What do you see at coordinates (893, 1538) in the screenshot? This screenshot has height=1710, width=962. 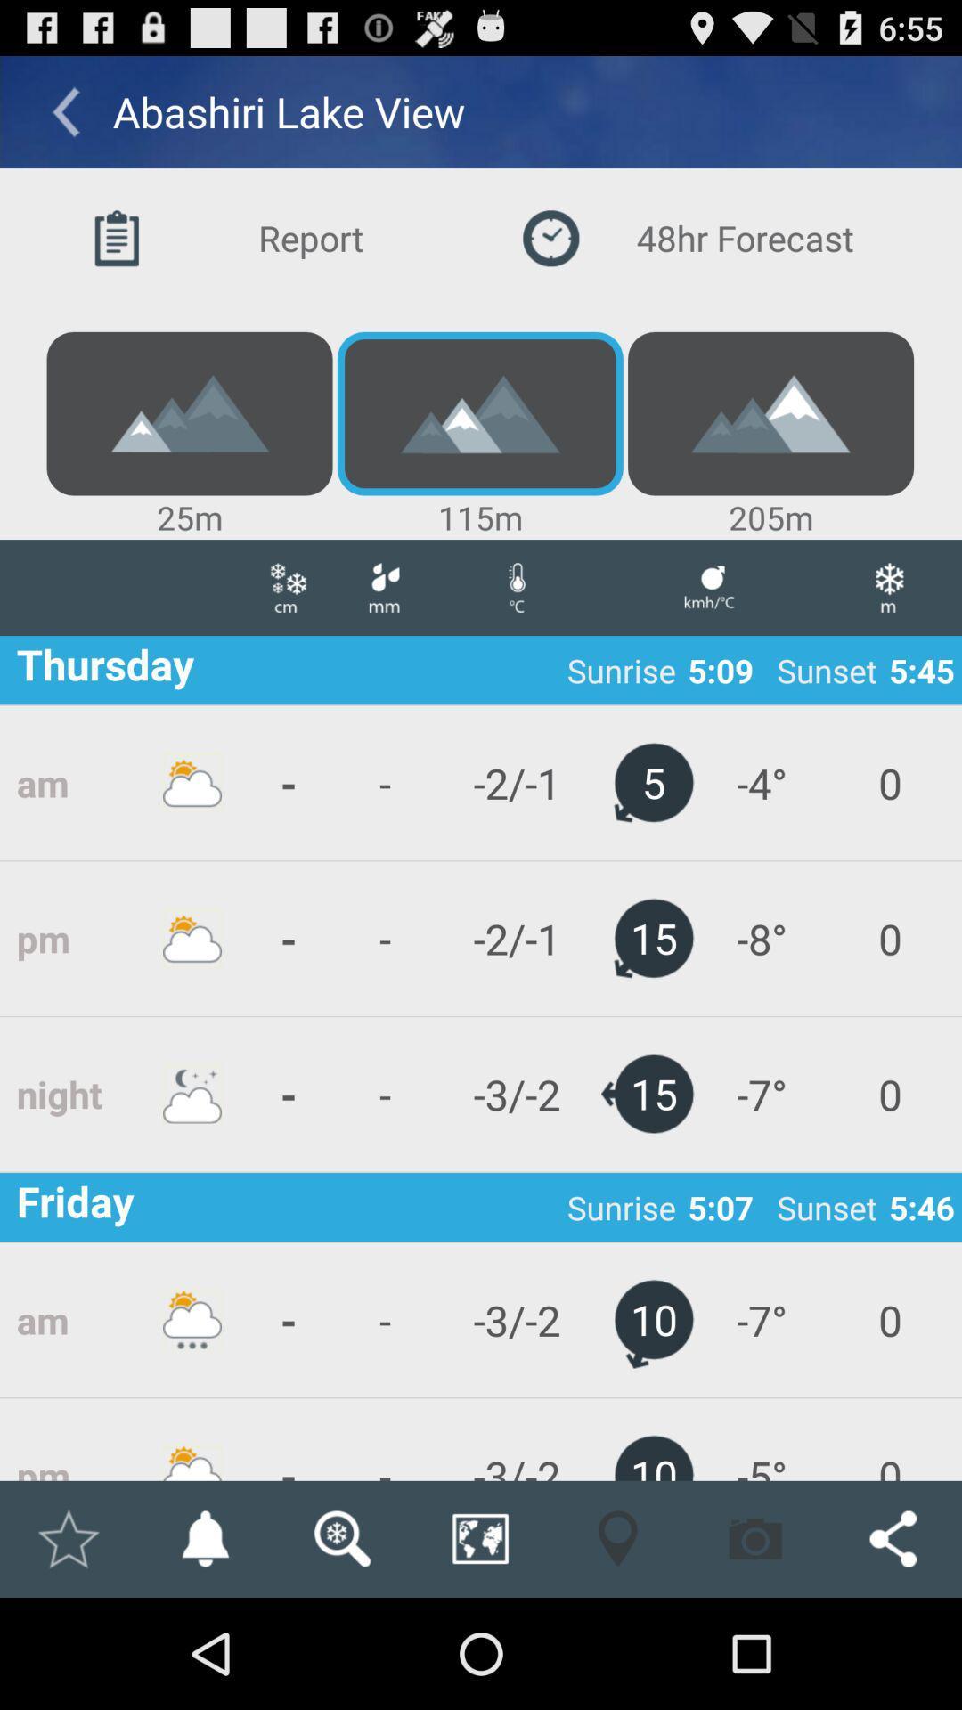 I see `share` at bounding box center [893, 1538].